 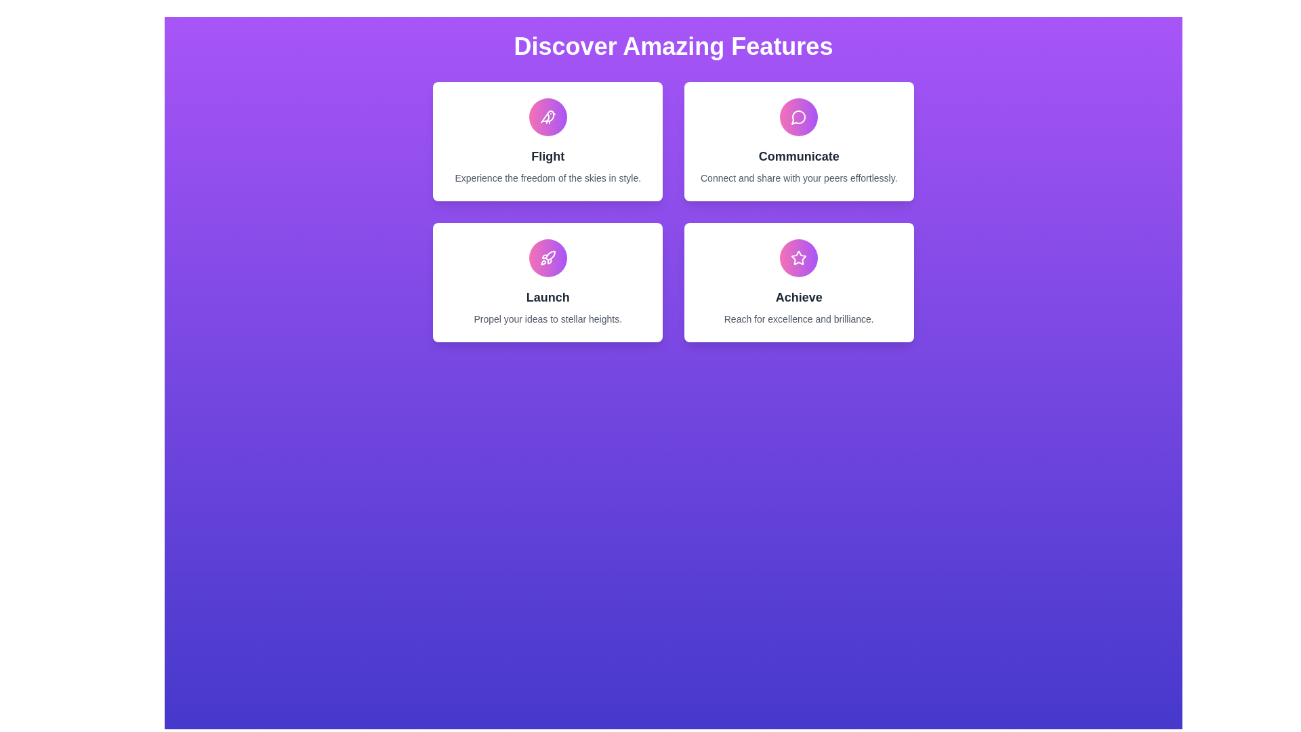 I want to click on the circular button with an icon located in the 'Launch' section, which is the third box in the second row of the grid layout, aligned with the text 'Launch' and the subtext 'Propel your ideas to stellar heights.', so click(x=548, y=258).